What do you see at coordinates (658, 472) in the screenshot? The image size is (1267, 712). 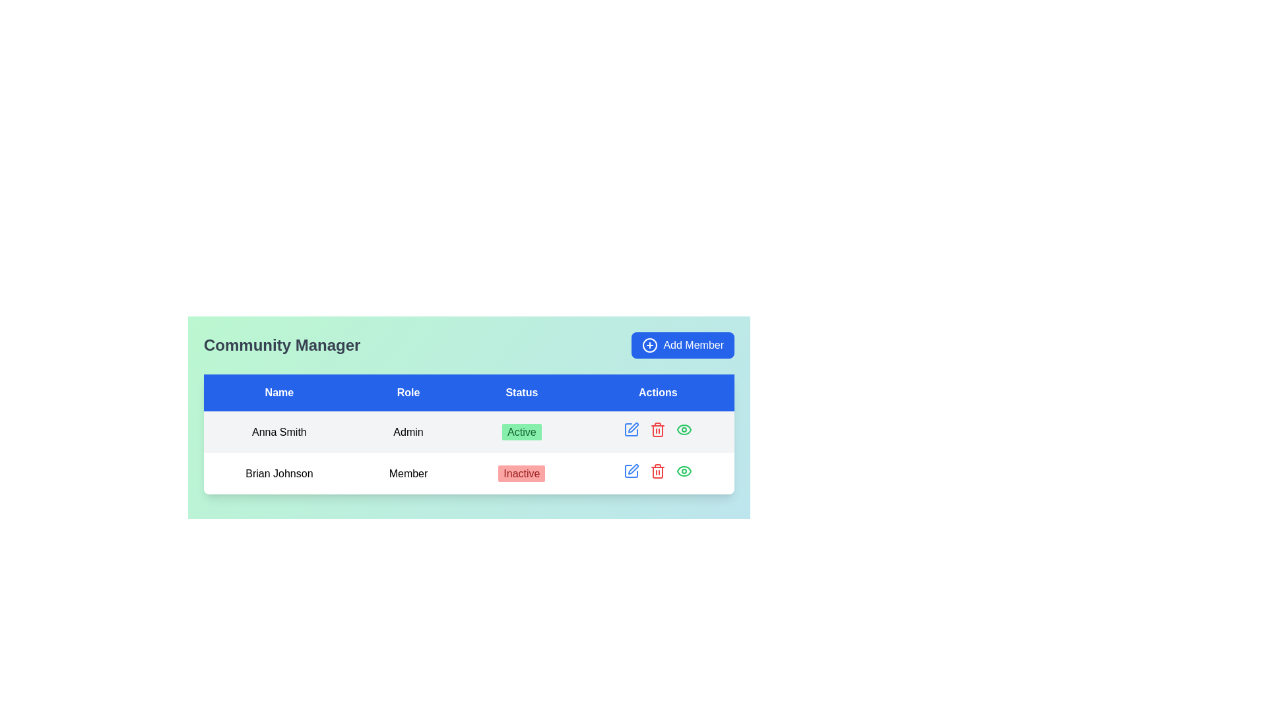 I see `the delete icon located` at bounding box center [658, 472].